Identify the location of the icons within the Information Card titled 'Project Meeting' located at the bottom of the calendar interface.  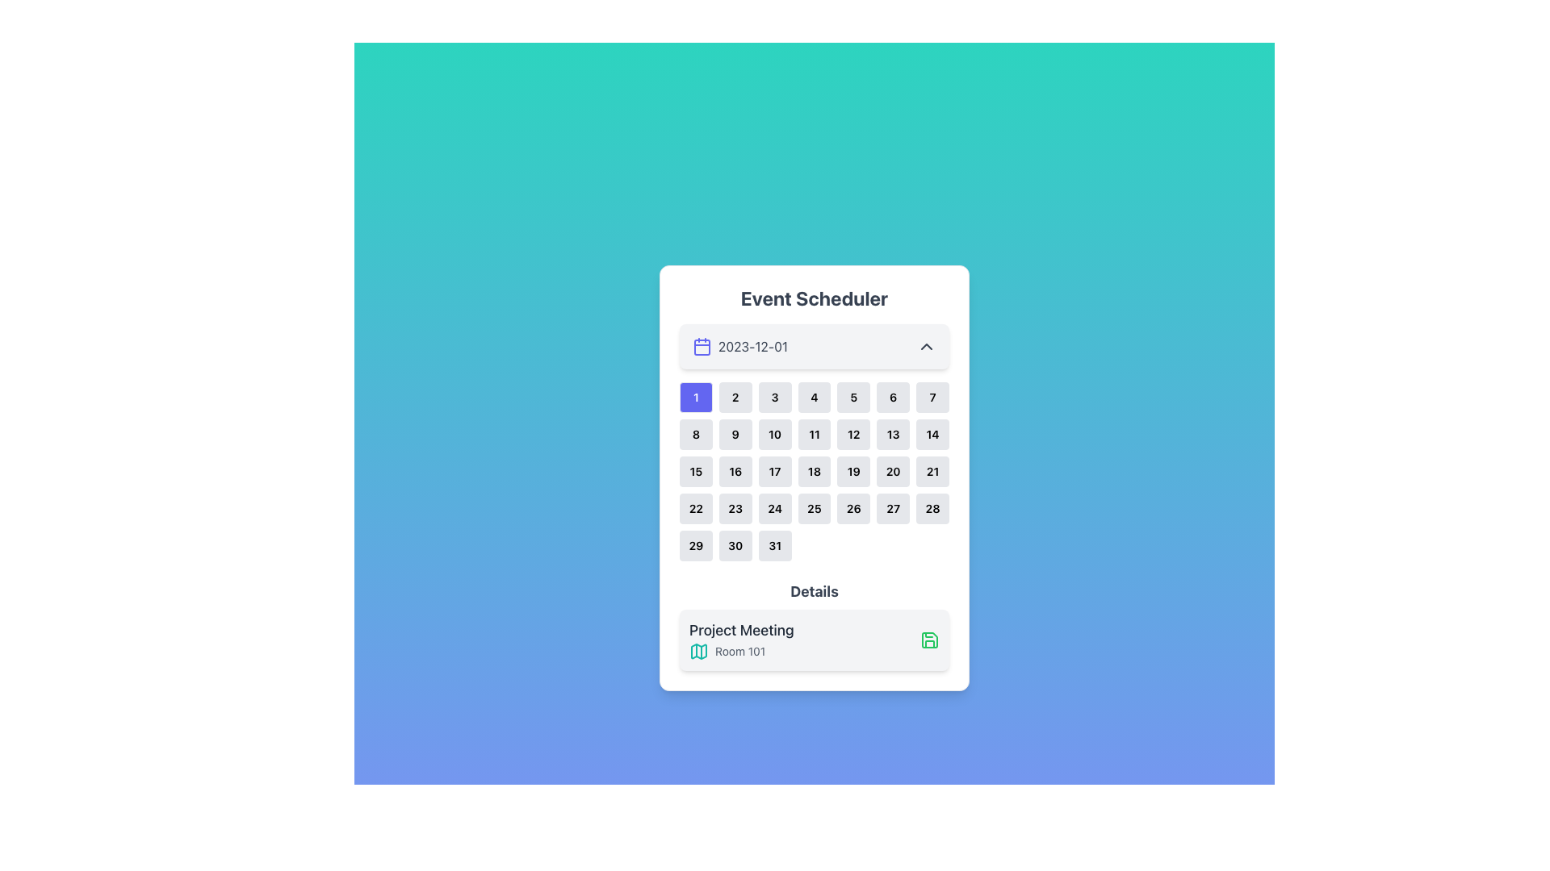
(814, 640).